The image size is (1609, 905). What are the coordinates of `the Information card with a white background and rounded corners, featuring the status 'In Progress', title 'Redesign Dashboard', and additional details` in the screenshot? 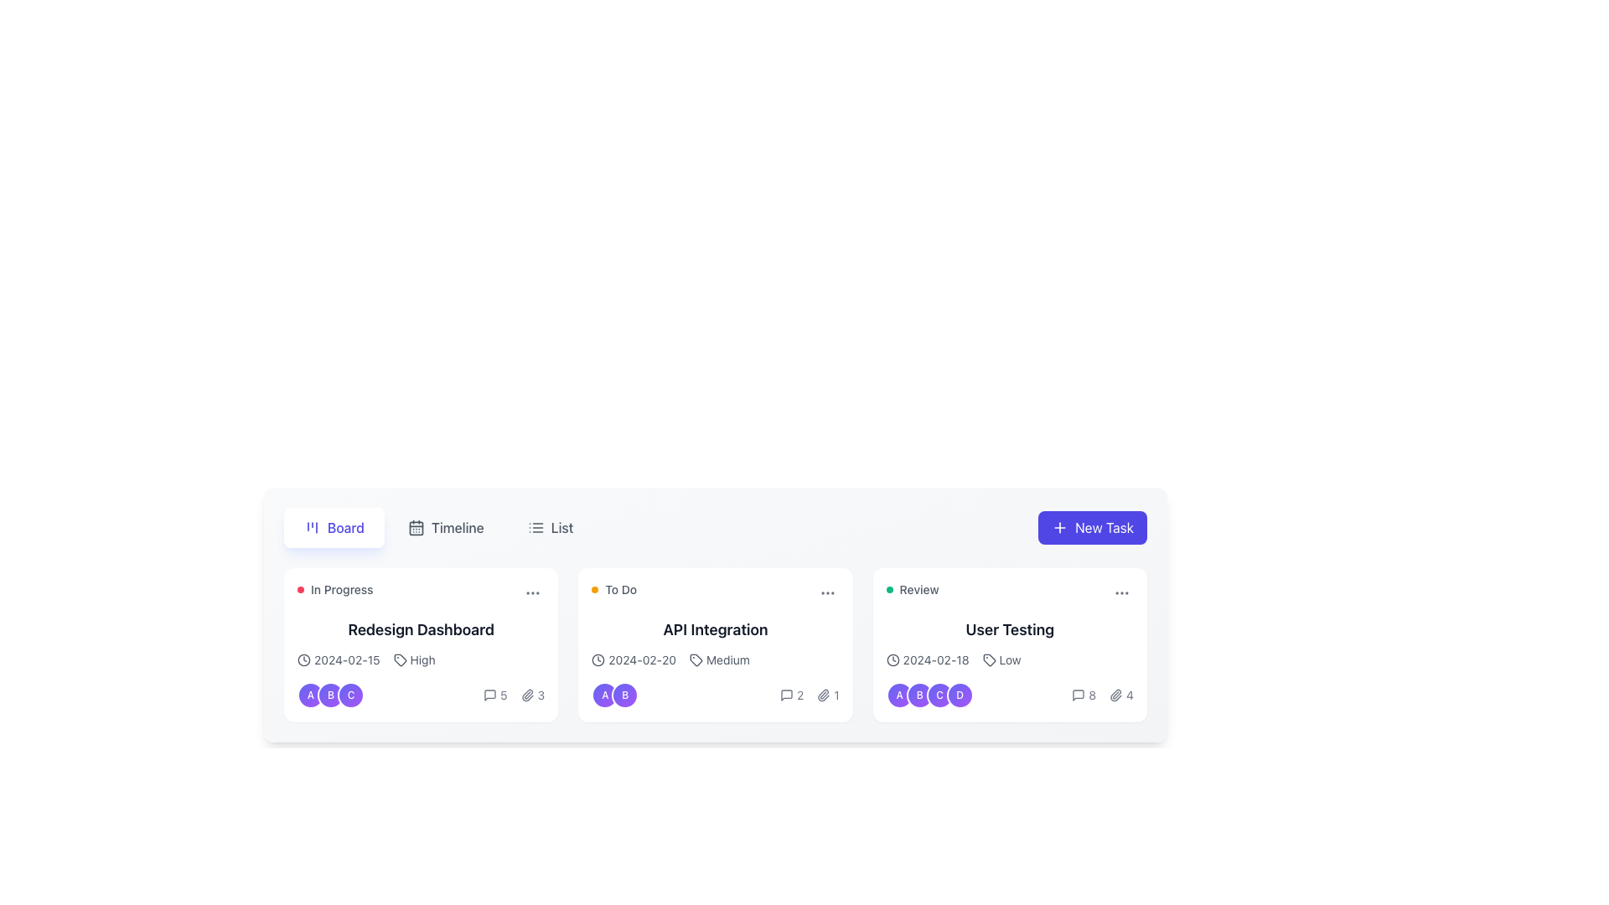 It's located at (421, 644).